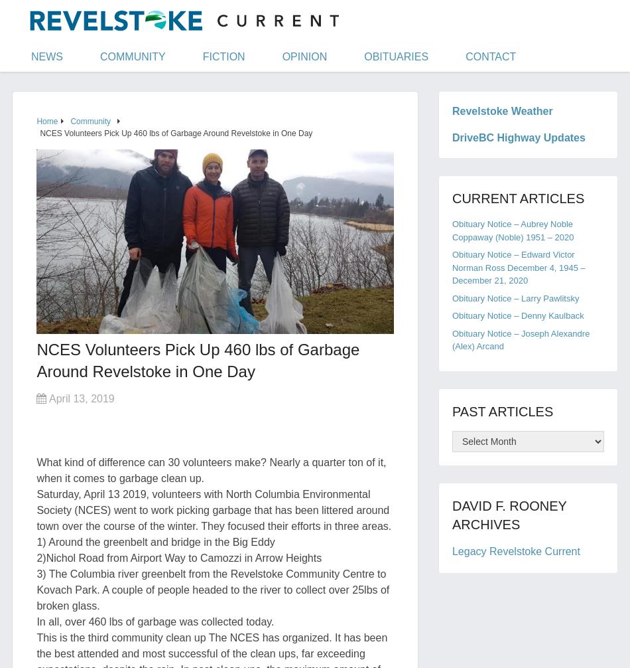 The height and width of the screenshot is (668, 630). I want to click on 'What kind of difference can 30 volunteers make? Nearly a quarter ton of it, when it comes to garbage clean up.', so click(210, 469).